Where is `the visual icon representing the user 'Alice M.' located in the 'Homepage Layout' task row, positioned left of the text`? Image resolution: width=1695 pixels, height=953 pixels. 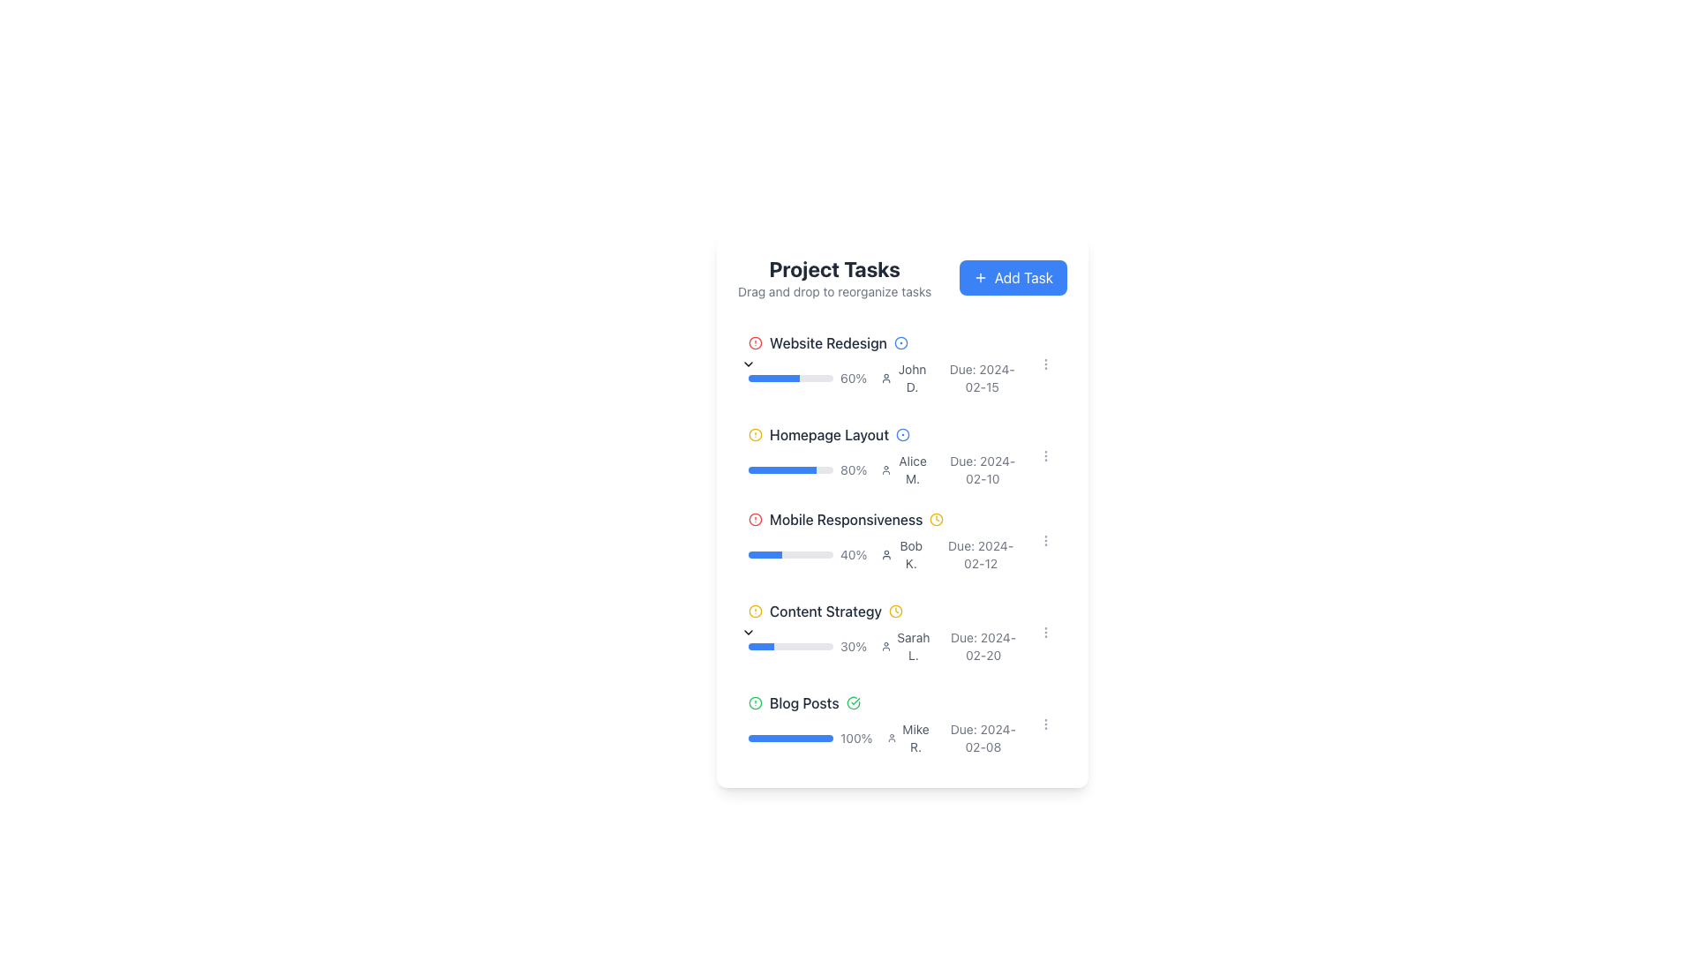 the visual icon representing the user 'Alice M.' located in the 'Homepage Layout' task row, positioned left of the text is located at coordinates (886, 469).